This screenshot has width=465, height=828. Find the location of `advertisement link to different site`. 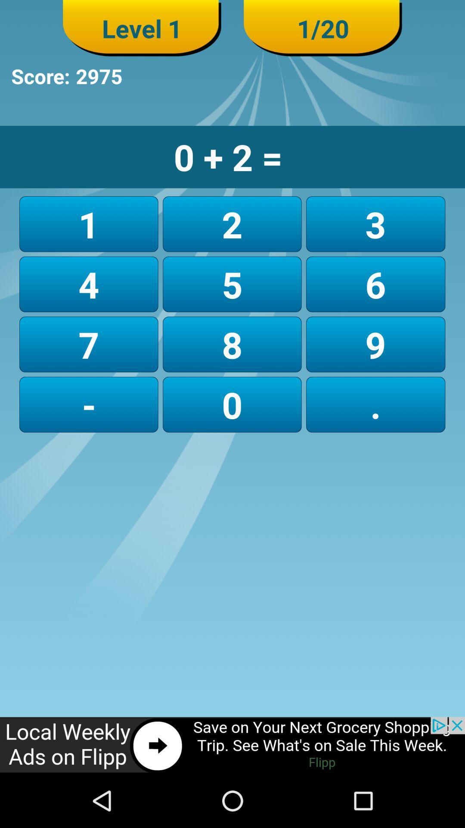

advertisement link to different site is located at coordinates (232, 745).